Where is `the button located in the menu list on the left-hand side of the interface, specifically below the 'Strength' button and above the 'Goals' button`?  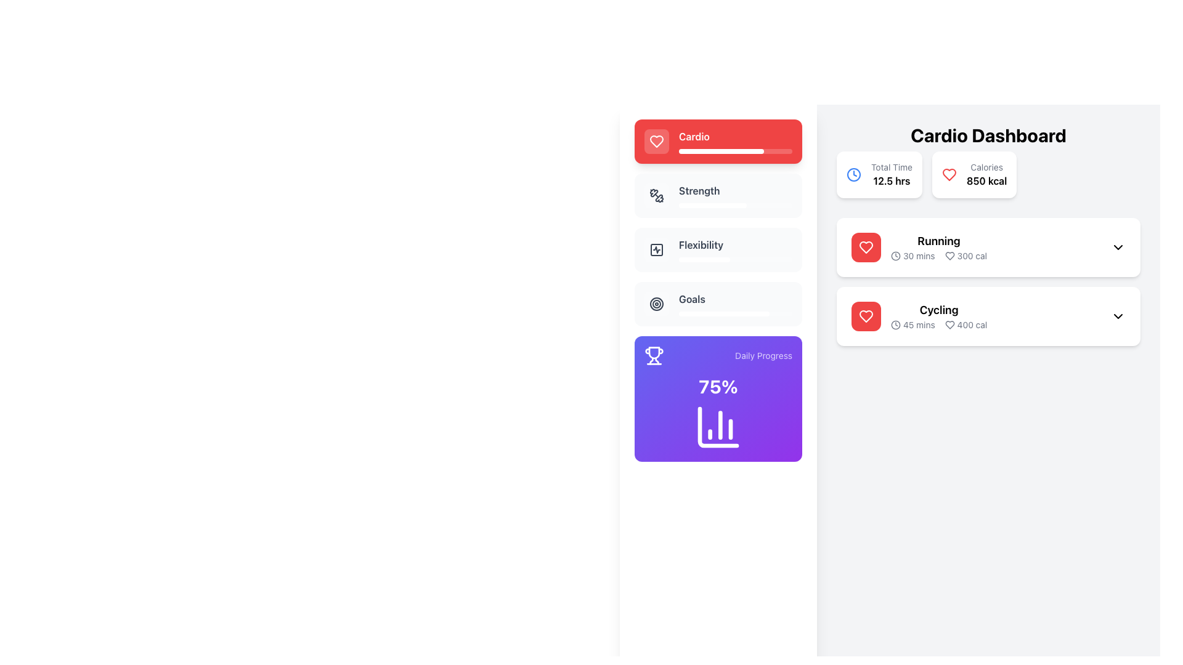
the button located in the menu list on the left-hand side of the interface, specifically below the 'Strength' button and above the 'Goals' button is located at coordinates (656, 249).